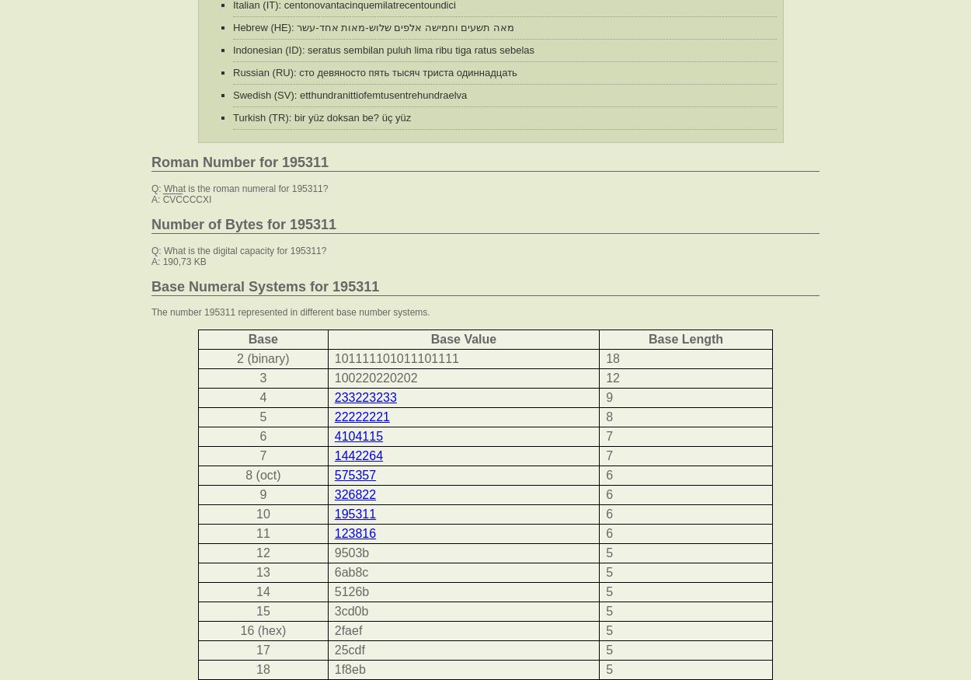  Describe the element at coordinates (259, 396) in the screenshot. I see `'4'` at that location.